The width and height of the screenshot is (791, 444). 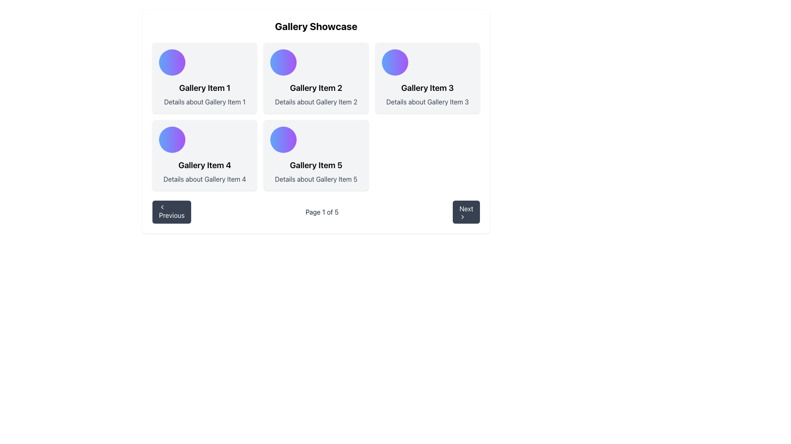 What do you see at coordinates (427, 101) in the screenshot?
I see `information displayed on the text label that shows 'Details about Gallery Item 3', located below 'Gallery Item 3' in the top-right section of the layout` at bounding box center [427, 101].